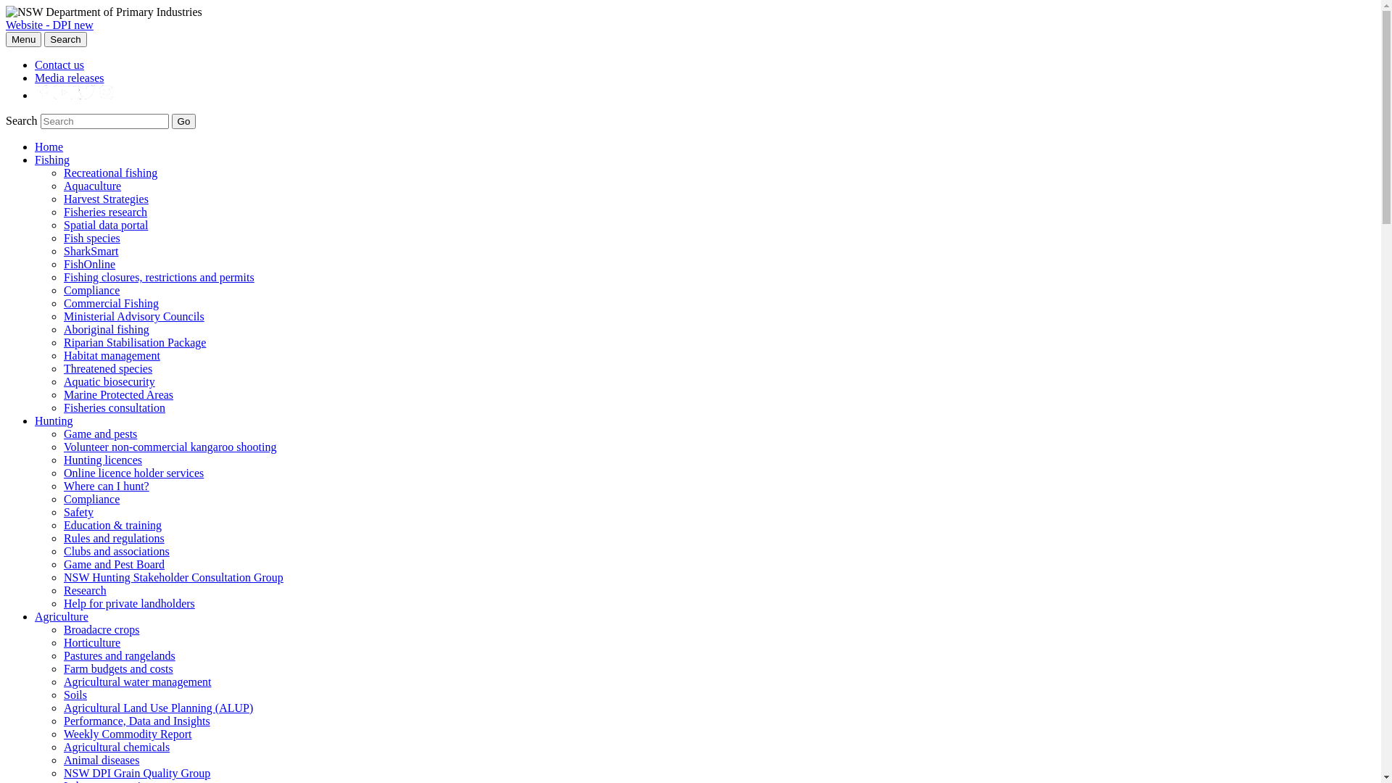 The image size is (1392, 783). What do you see at coordinates (104, 212) in the screenshot?
I see `'Fisheries research'` at bounding box center [104, 212].